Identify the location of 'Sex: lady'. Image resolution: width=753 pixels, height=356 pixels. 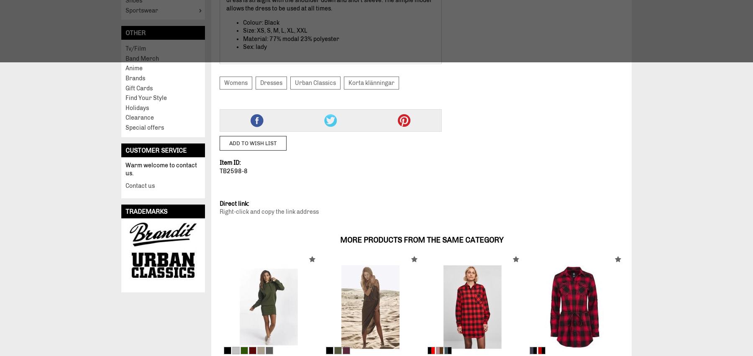
(255, 46).